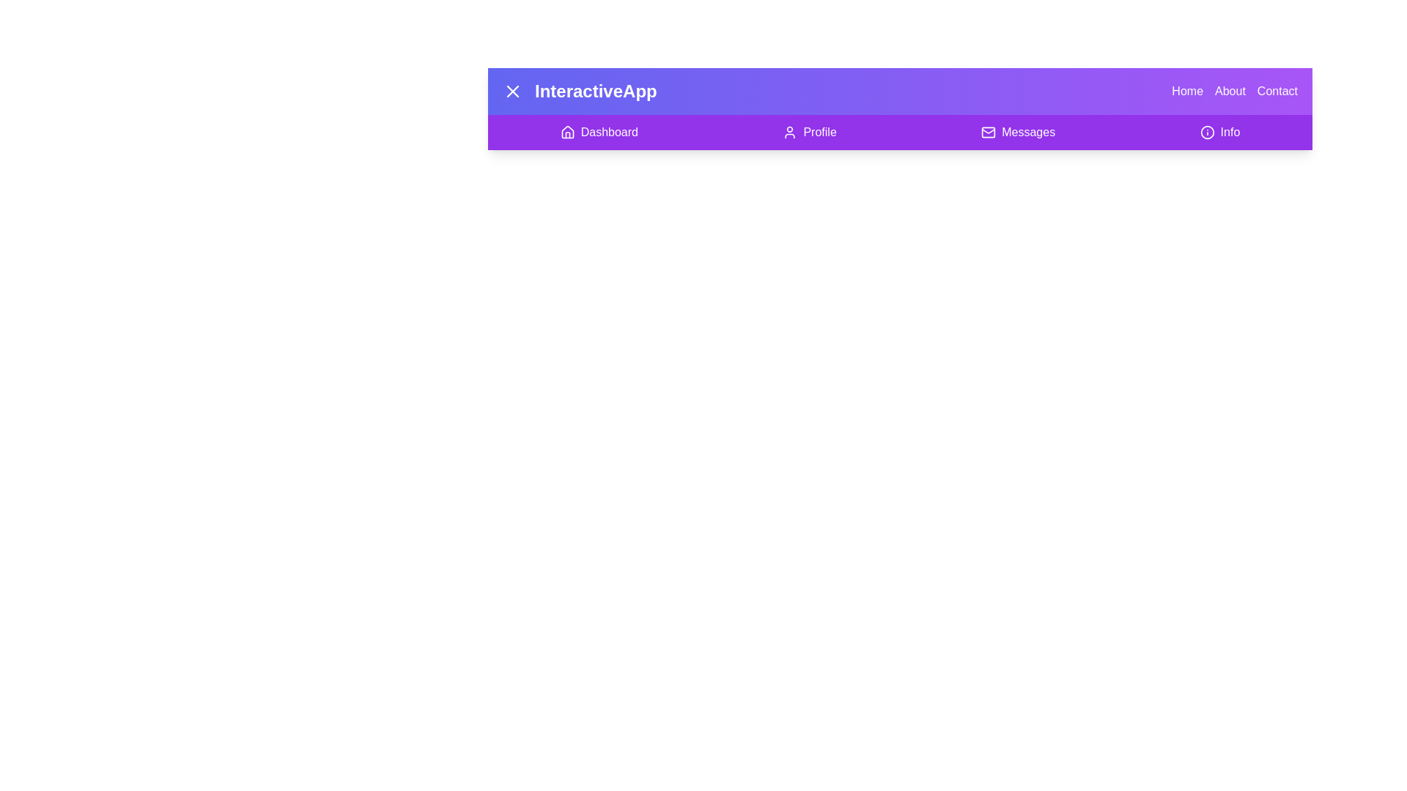  I want to click on the button labeled About to observe its hover effect, so click(1230, 91).